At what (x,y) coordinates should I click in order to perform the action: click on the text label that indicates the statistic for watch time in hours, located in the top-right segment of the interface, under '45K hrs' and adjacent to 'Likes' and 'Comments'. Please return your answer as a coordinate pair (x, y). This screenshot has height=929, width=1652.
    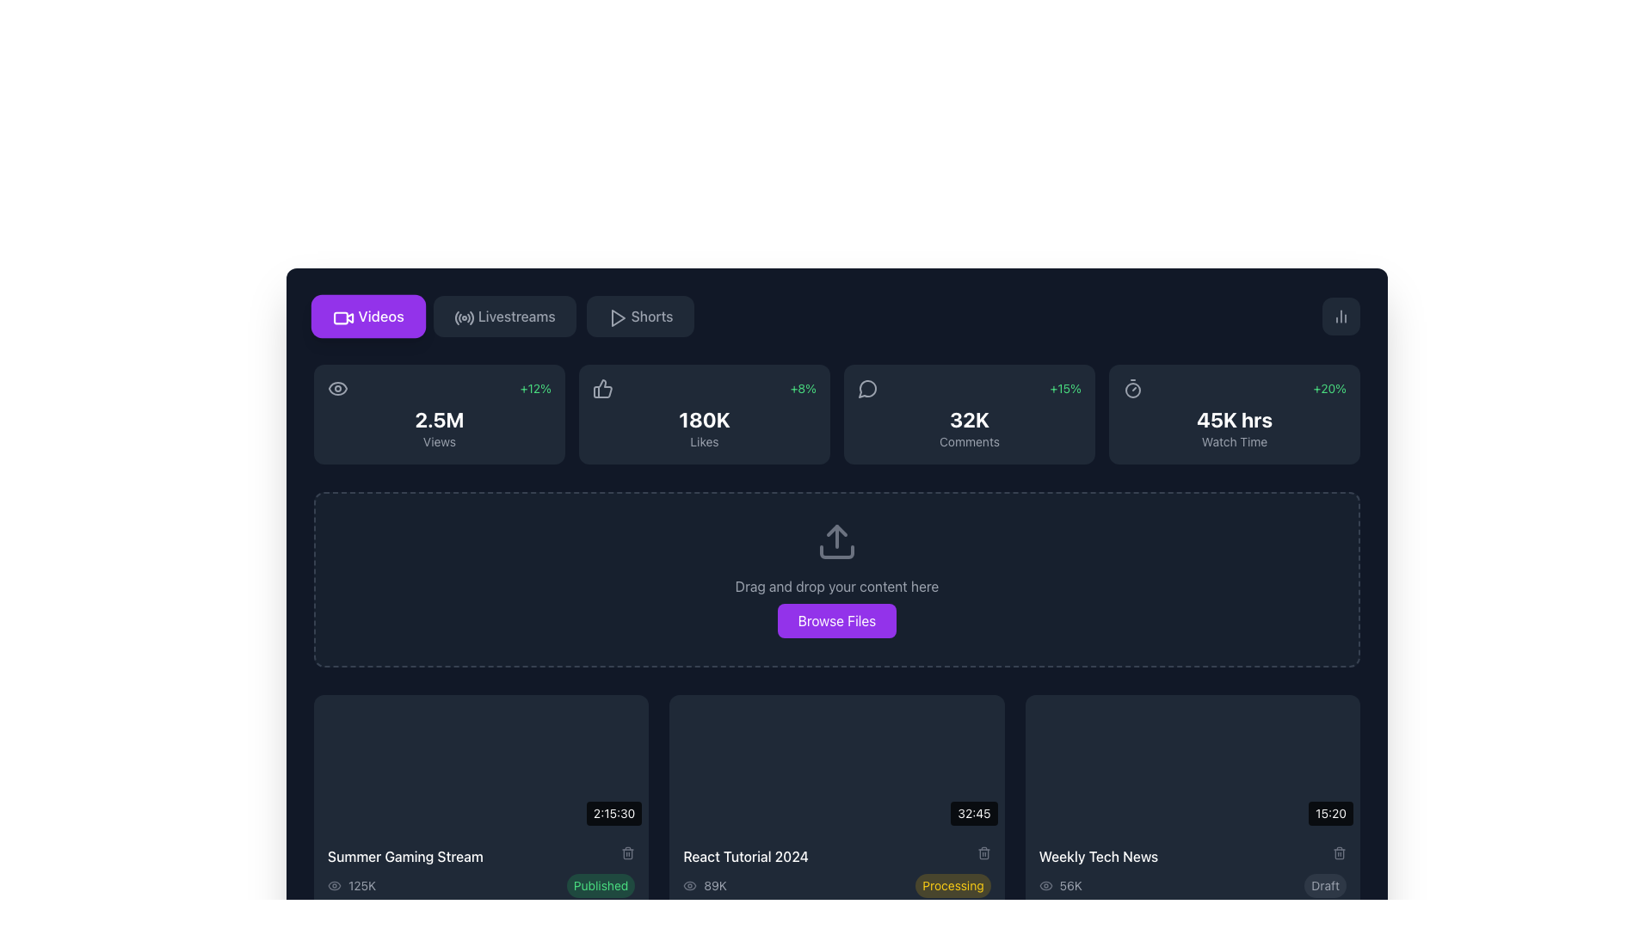
    Looking at the image, I should click on (1234, 440).